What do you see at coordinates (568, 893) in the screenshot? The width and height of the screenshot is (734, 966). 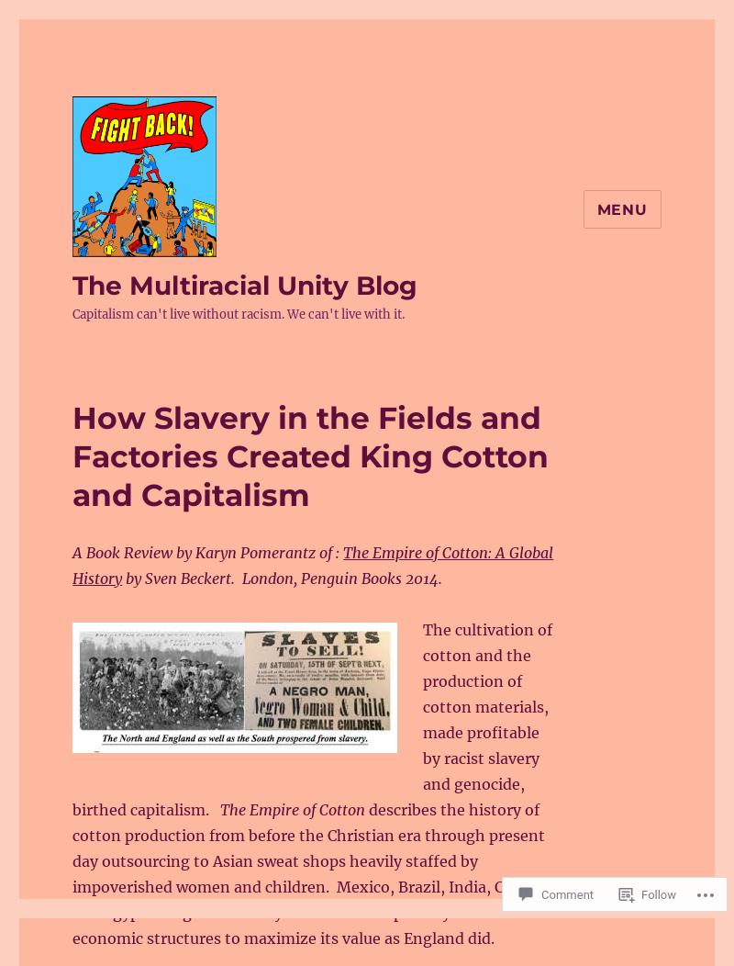 I see `'Comment'` at bounding box center [568, 893].